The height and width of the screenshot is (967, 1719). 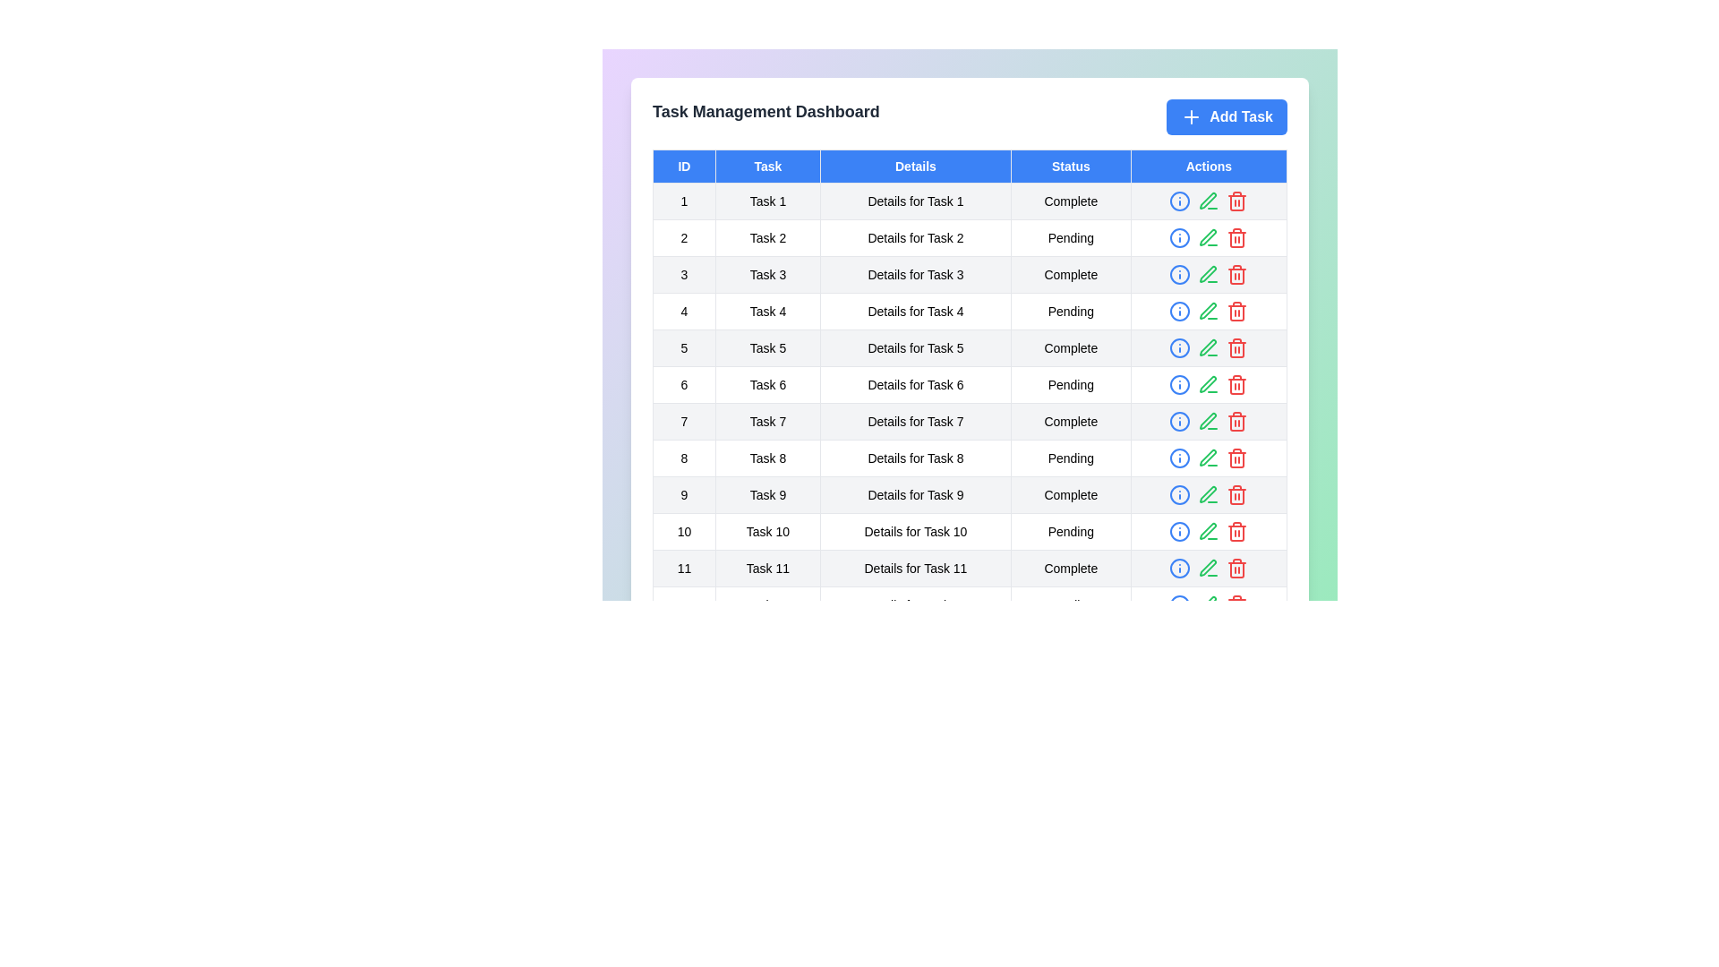 What do you see at coordinates (683, 166) in the screenshot?
I see `the column header to sort tasks by ID` at bounding box center [683, 166].